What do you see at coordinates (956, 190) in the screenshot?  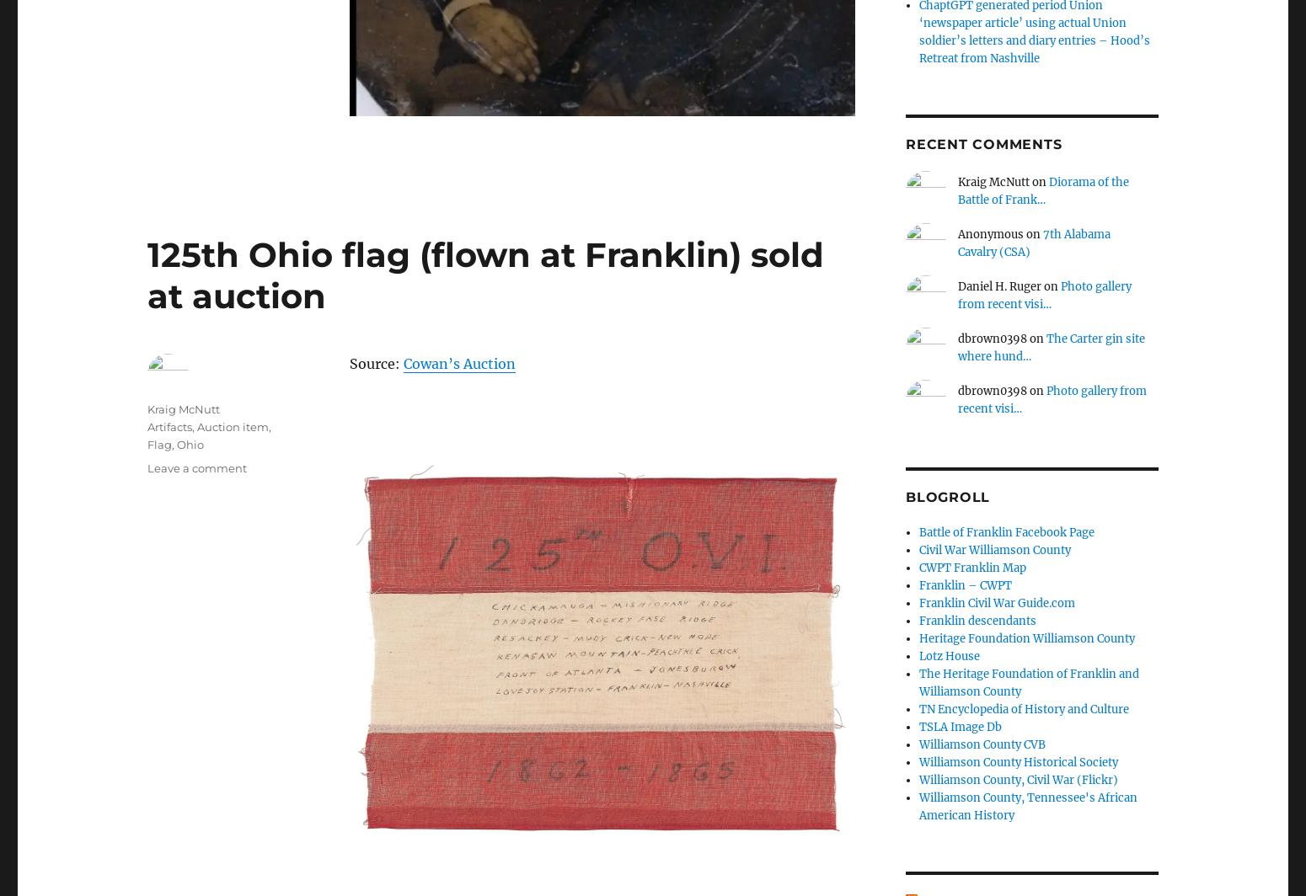 I see `'Diorama of the Battle of Frank…'` at bounding box center [956, 190].